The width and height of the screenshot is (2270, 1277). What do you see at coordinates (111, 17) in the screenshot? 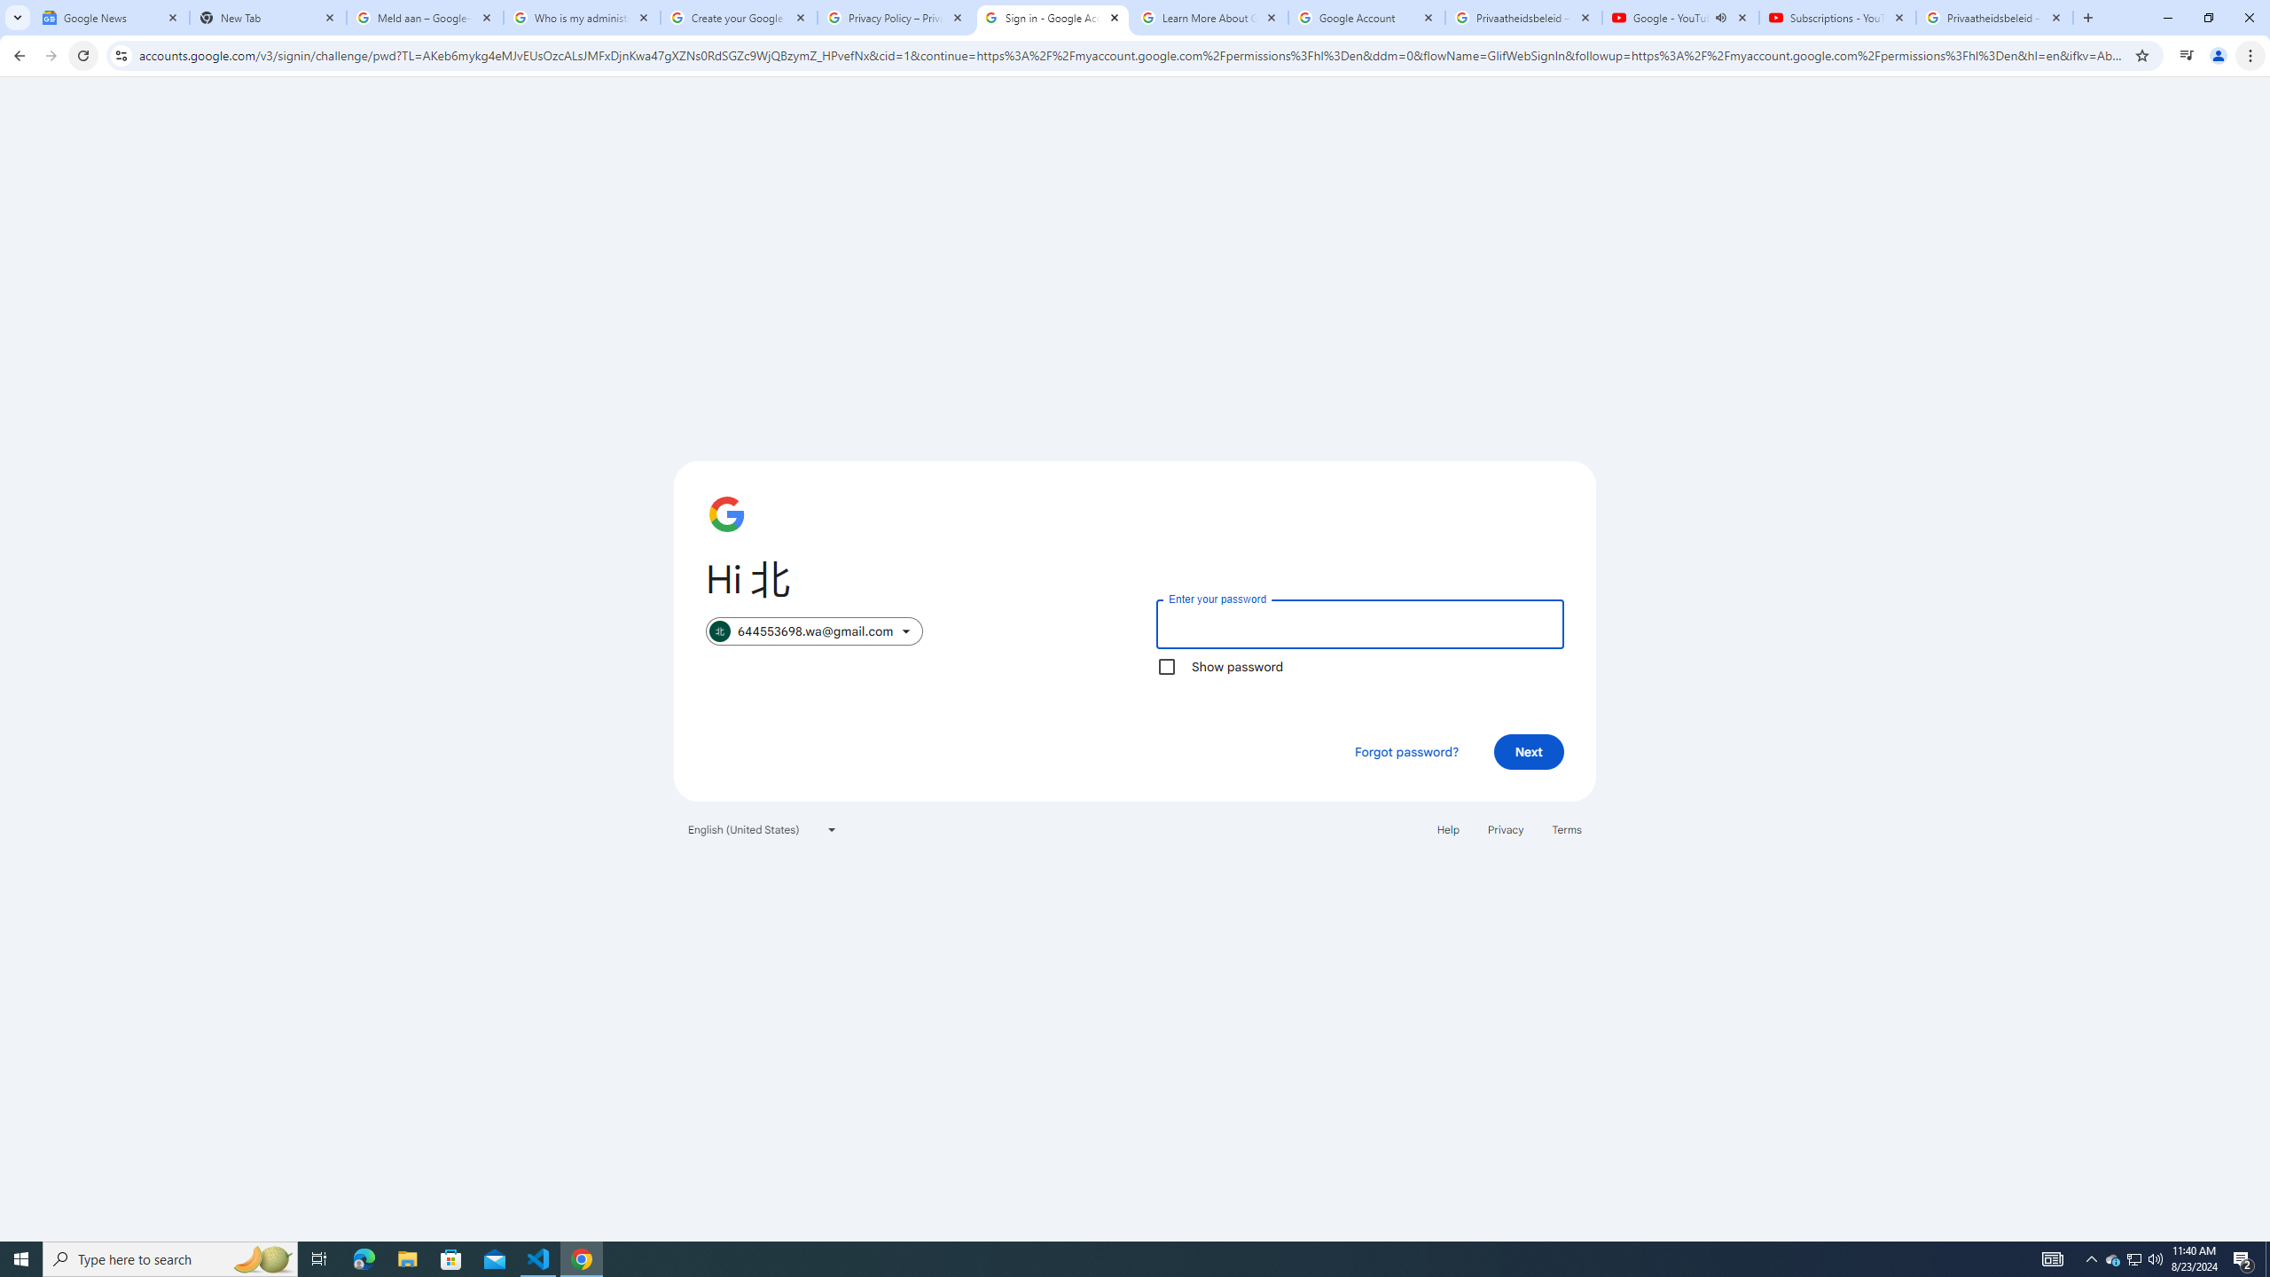
I see `'Google News'` at bounding box center [111, 17].